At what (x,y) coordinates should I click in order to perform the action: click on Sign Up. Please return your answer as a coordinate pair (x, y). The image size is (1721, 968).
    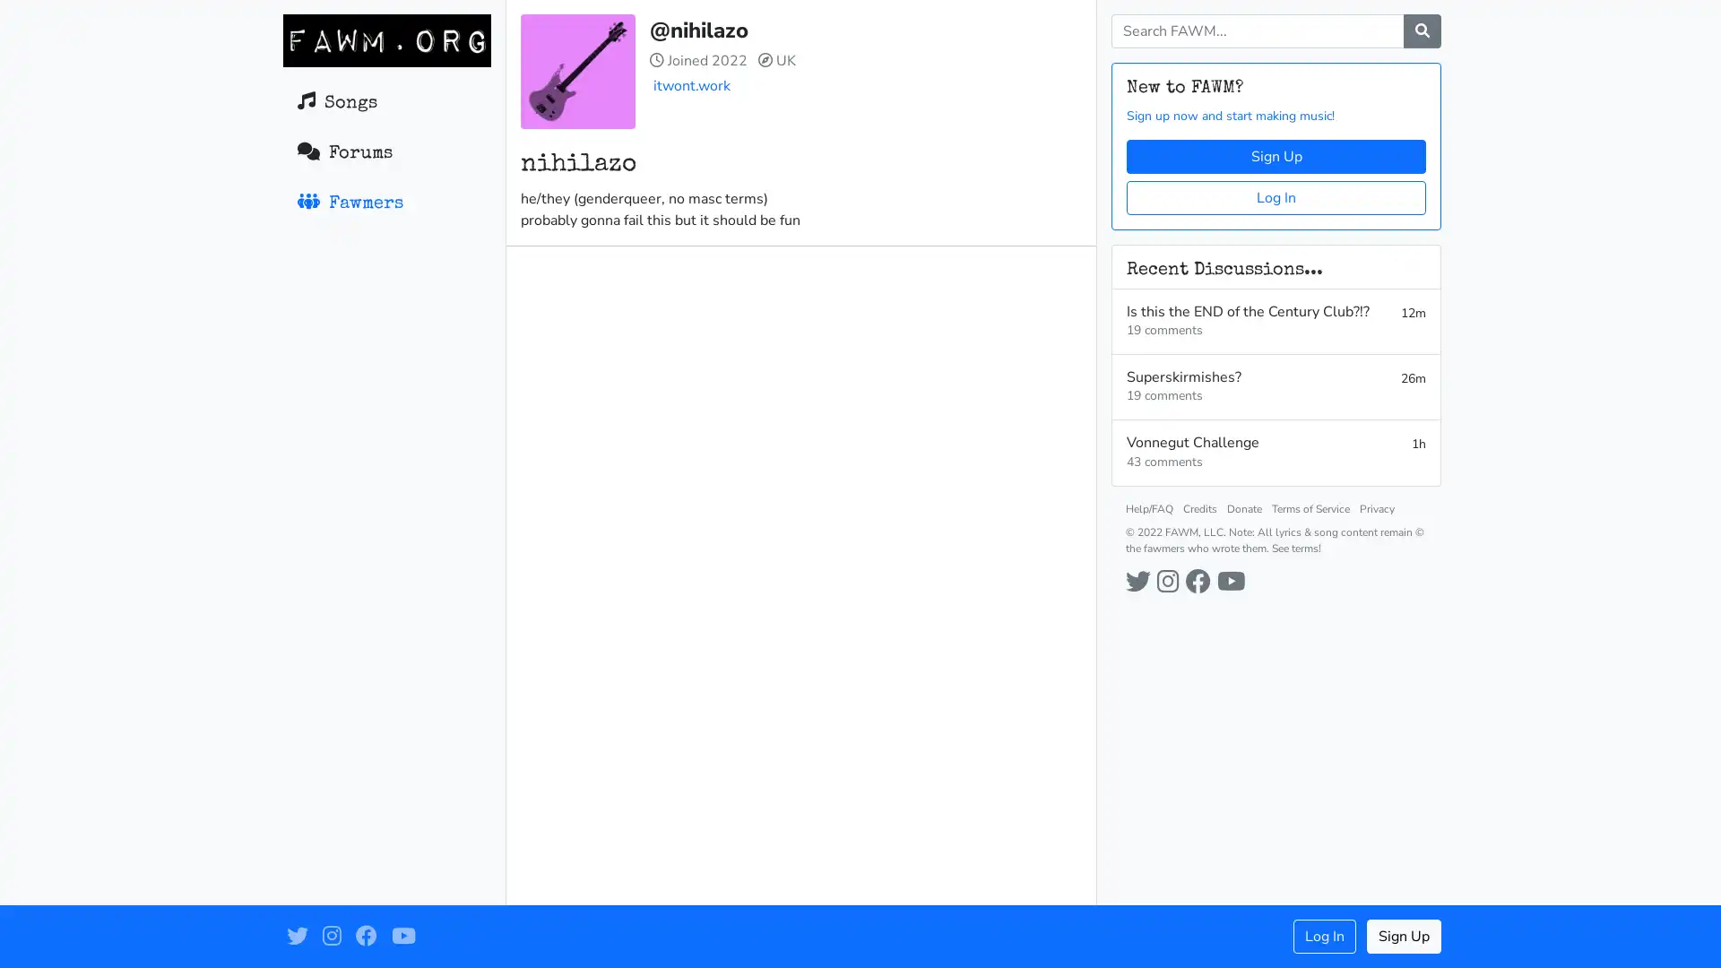
    Looking at the image, I should click on (1403, 936).